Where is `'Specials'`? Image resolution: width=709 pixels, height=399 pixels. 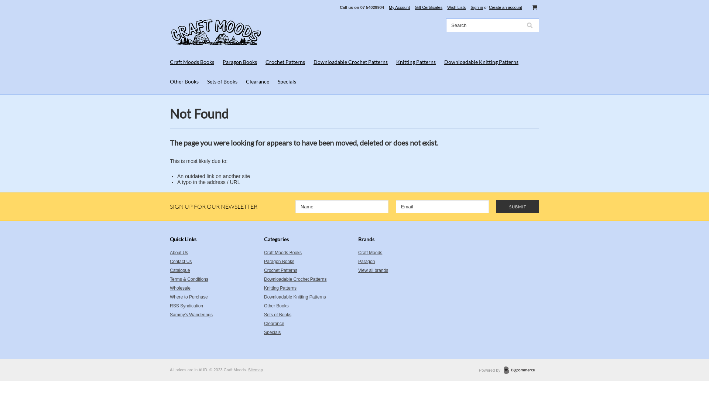 'Specials' is located at coordinates (287, 81).